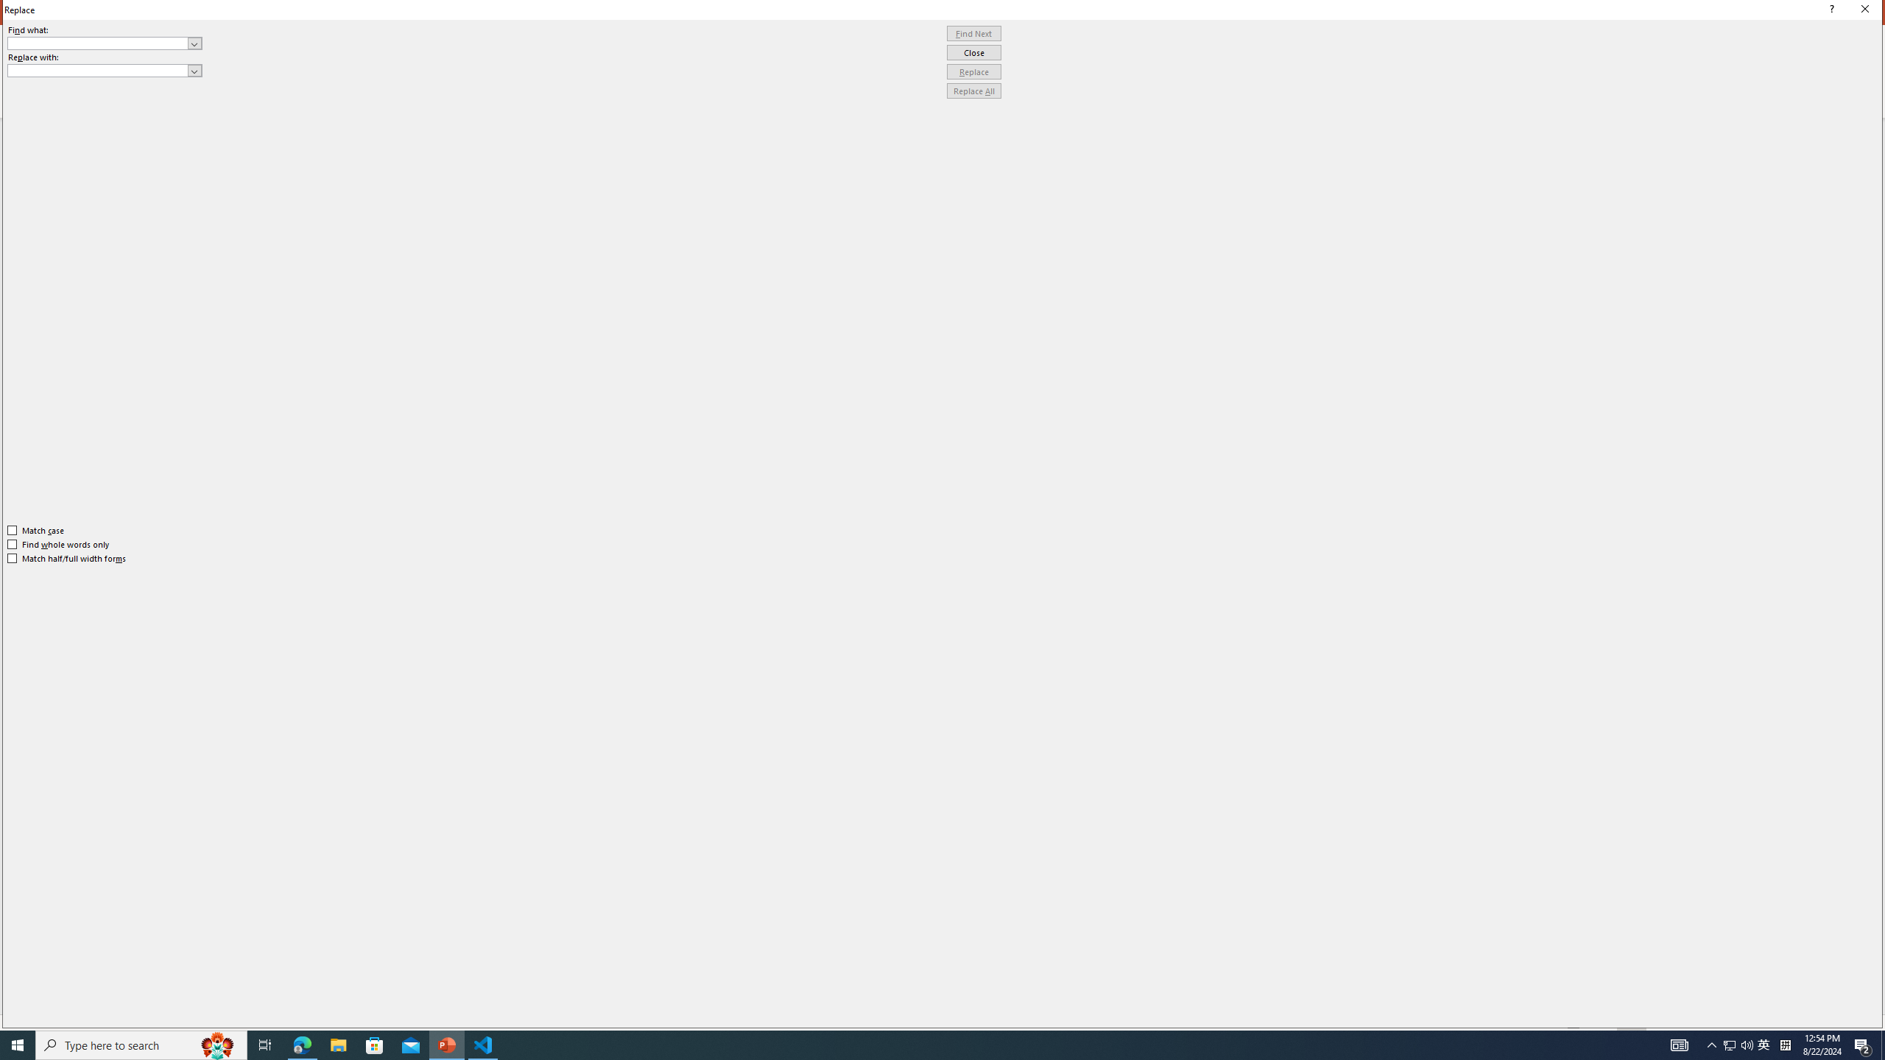 This screenshot has height=1060, width=1885. Describe the element at coordinates (973, 90) in the screenshot. I see `'Replace All'` at that location.